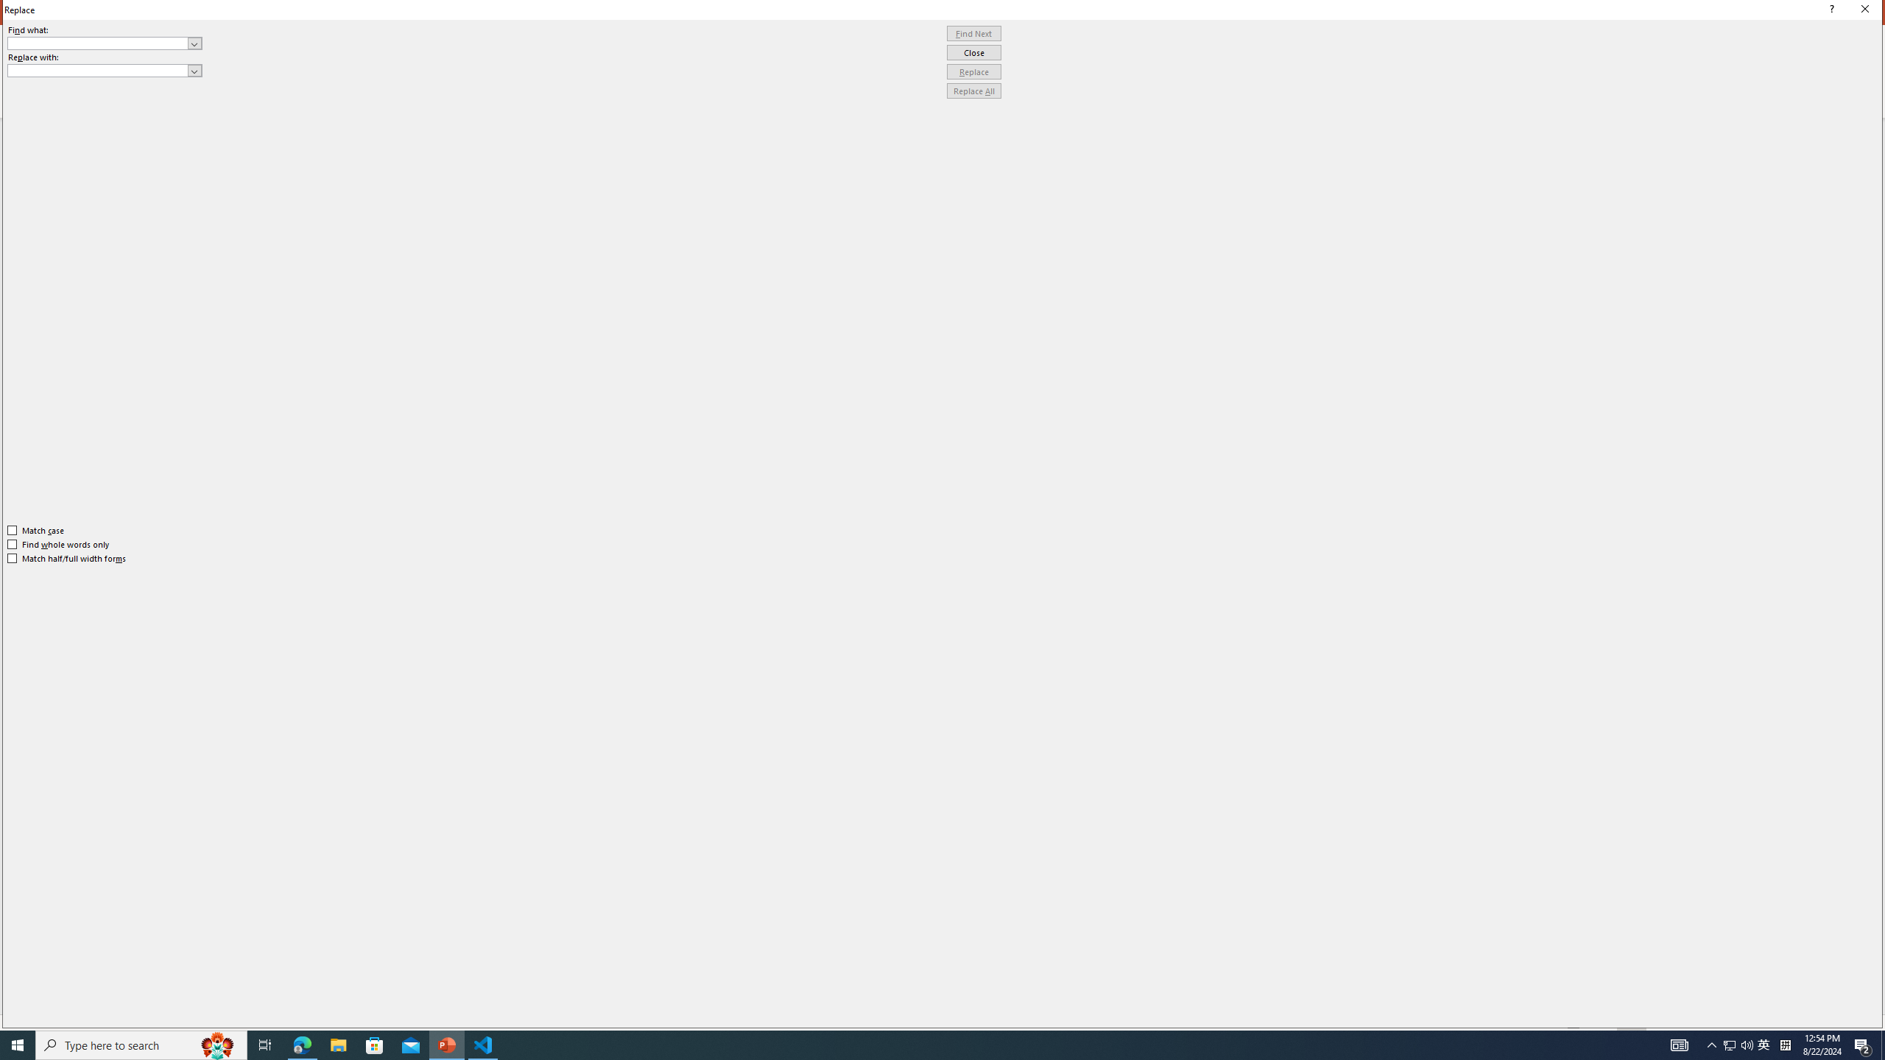 This screenshot has height=1060, width=1885. Describe the element at coordinates (973, 90) in the screenshot. I see `'Replace All'` at that location.